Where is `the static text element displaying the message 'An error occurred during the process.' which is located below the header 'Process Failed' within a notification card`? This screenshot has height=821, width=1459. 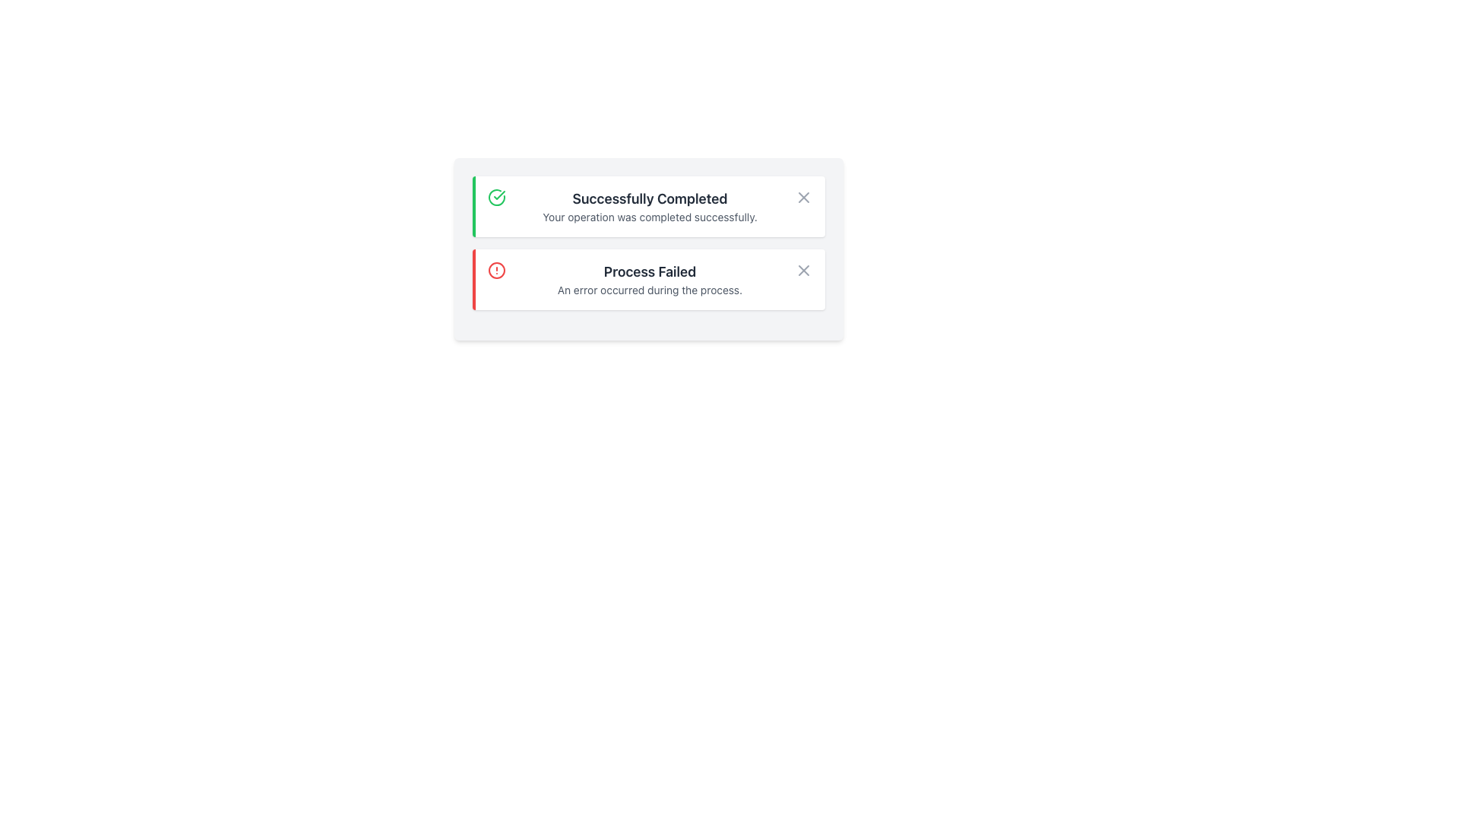 the static text element displaying the message 'An error occurred during the process.' which is located below the header 'Process Failed' within a notification card is located at coordinates (650, 290).